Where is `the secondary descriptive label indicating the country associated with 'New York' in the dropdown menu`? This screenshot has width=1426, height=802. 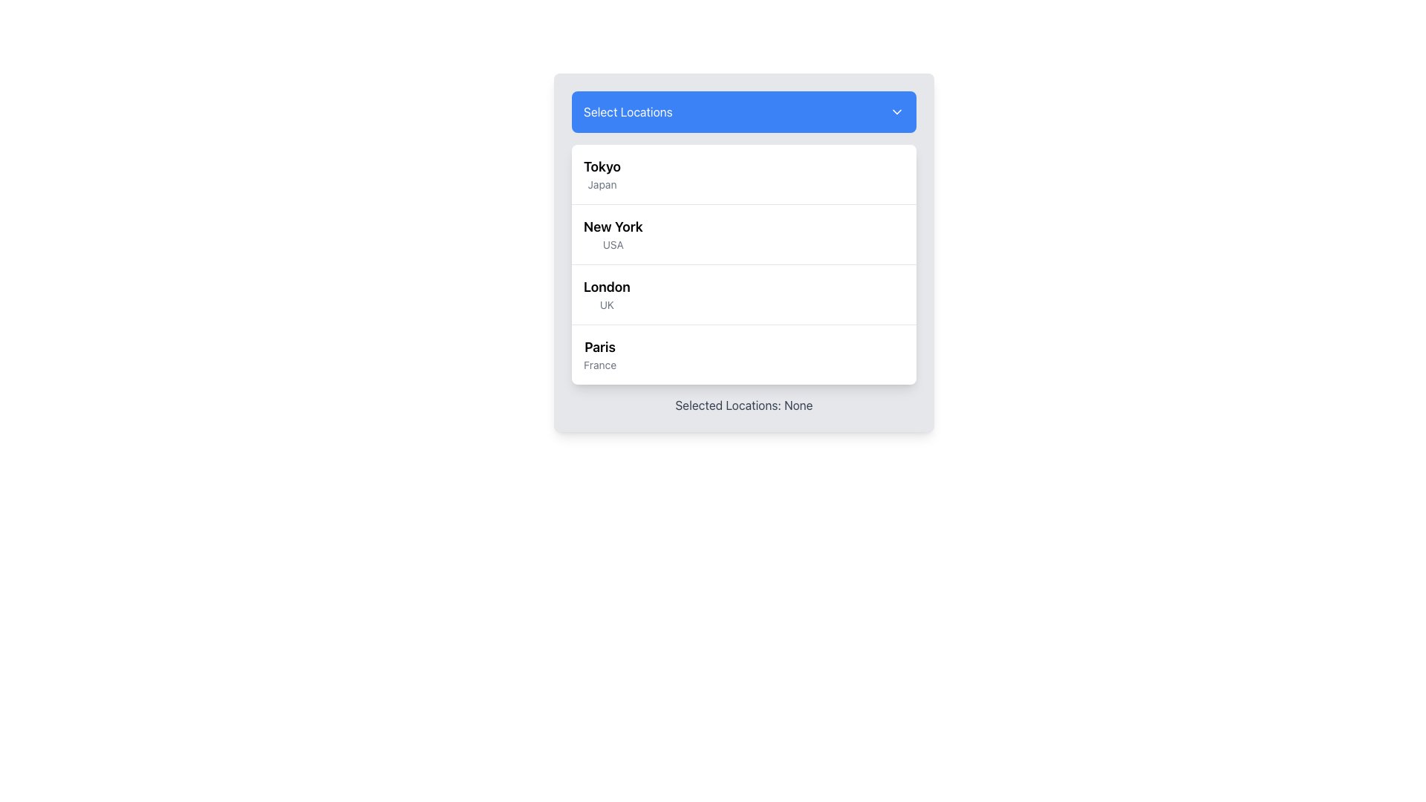
the secondary descriptive label indicating the country associated with 'New York' in the dropdown menu is located at coordinates (613, 244).